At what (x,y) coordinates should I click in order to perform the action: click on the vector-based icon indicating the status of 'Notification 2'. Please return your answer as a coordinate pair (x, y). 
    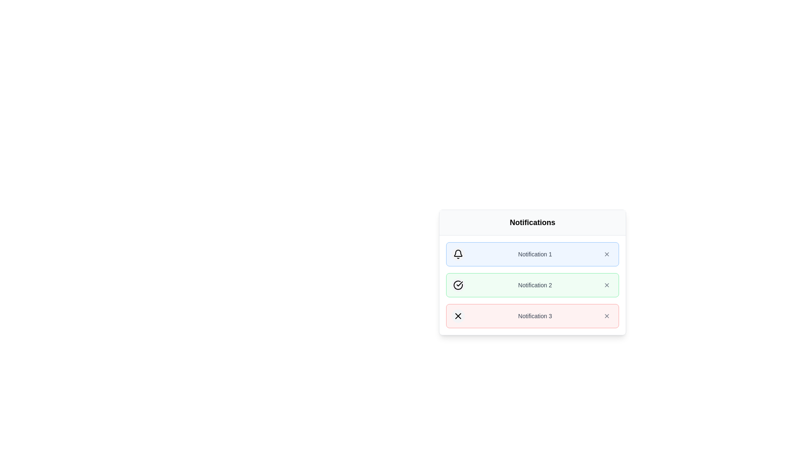
    Looking at the image, I should click on (458, 284).